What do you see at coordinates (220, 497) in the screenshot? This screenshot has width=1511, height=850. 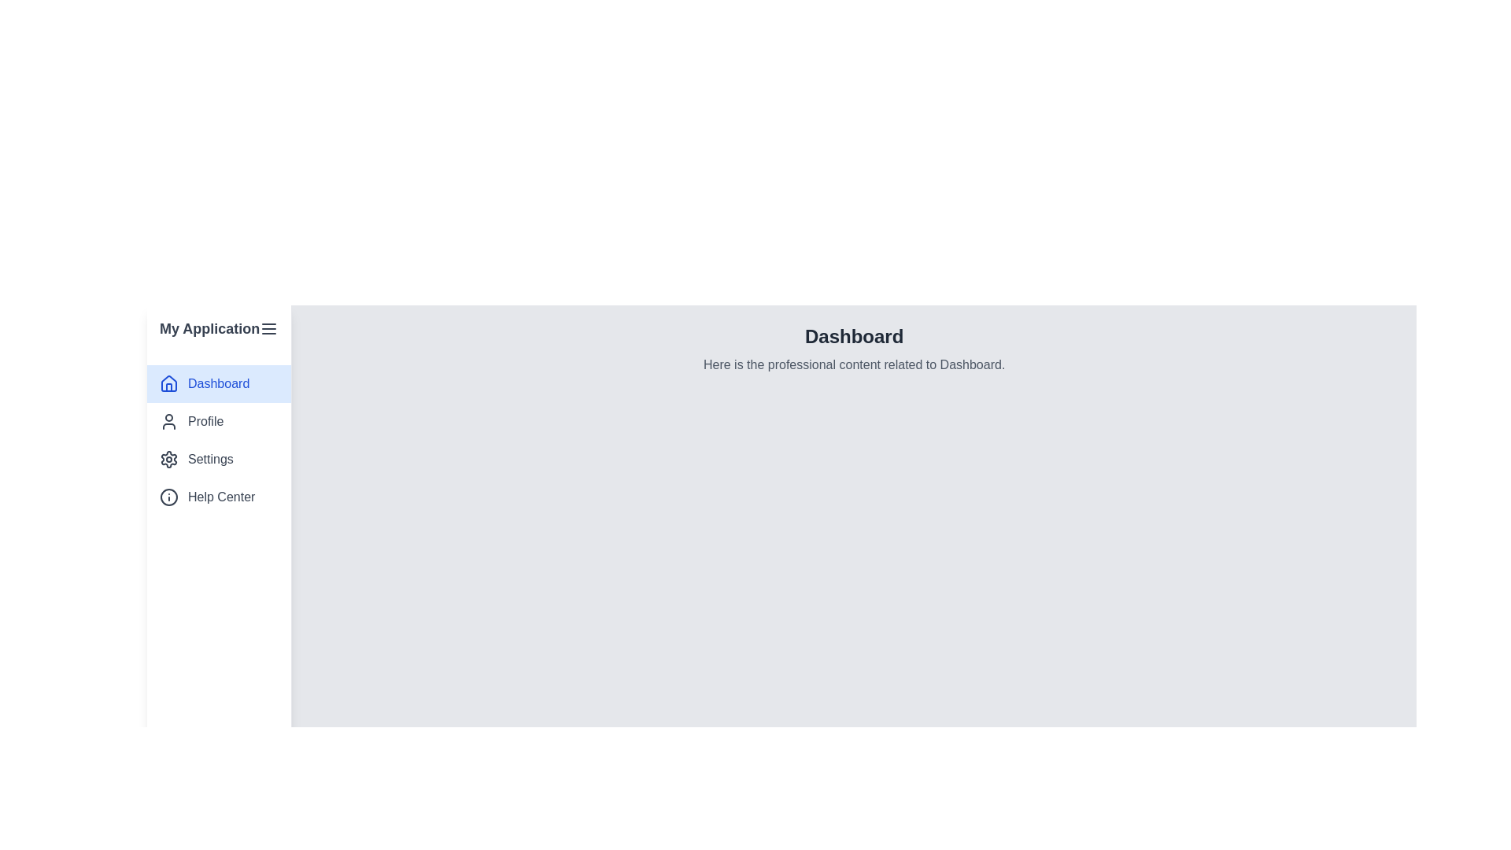 I see `text label element located in the vertical menu on the left side, which is the last option below 'Settings' and includes an 'info' icon to its left, to understand its purpose` at bounding box center [220, 497].